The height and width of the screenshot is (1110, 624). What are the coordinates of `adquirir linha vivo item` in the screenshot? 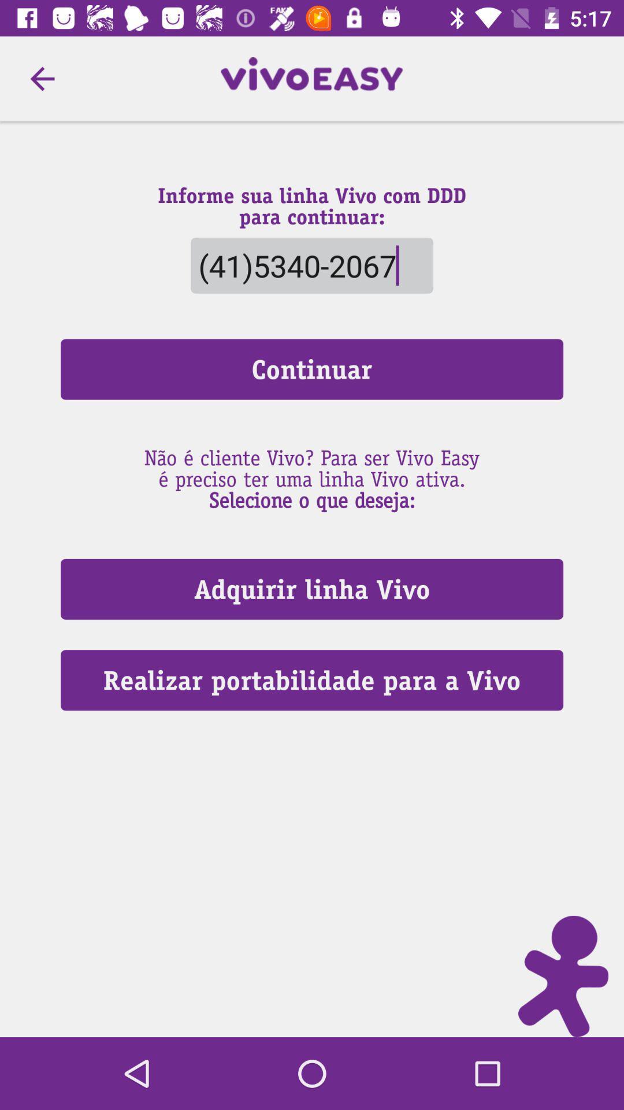 It's located at (312, 589).